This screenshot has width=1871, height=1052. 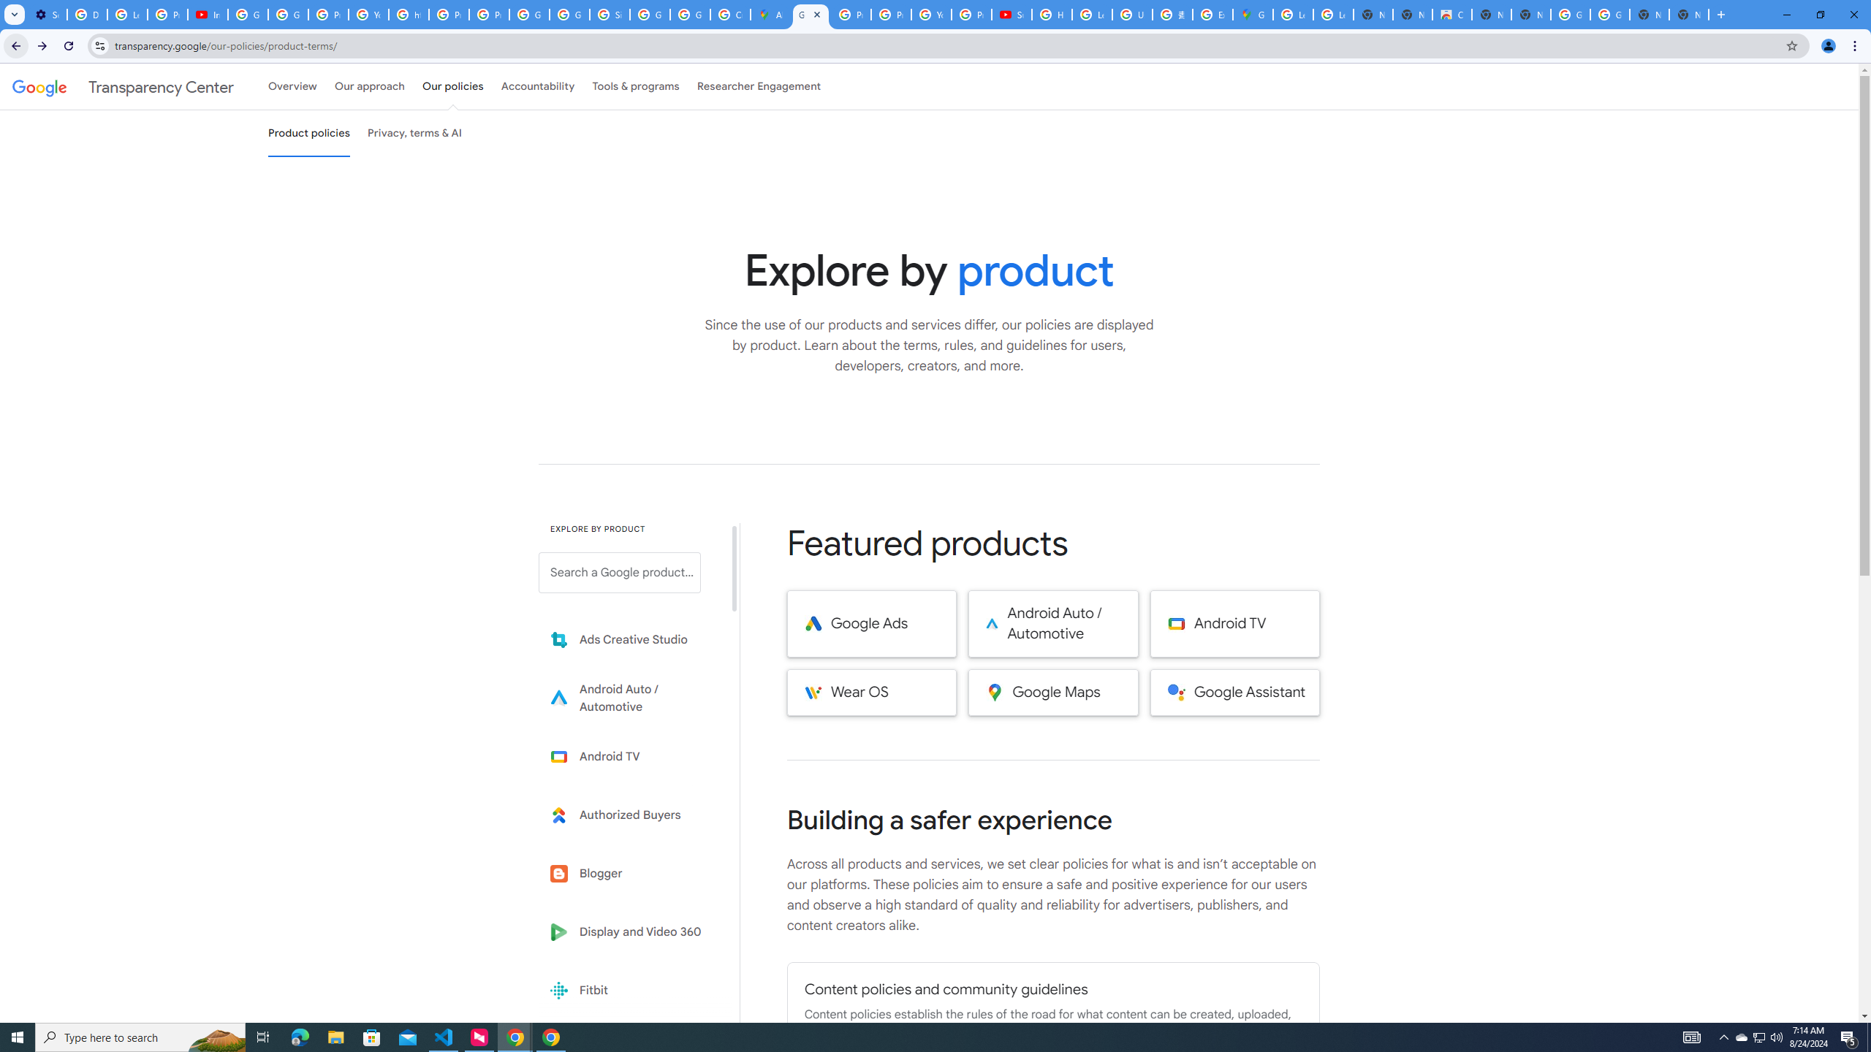 I want to click on 'Google Account Help', so click(x=247, y=14).